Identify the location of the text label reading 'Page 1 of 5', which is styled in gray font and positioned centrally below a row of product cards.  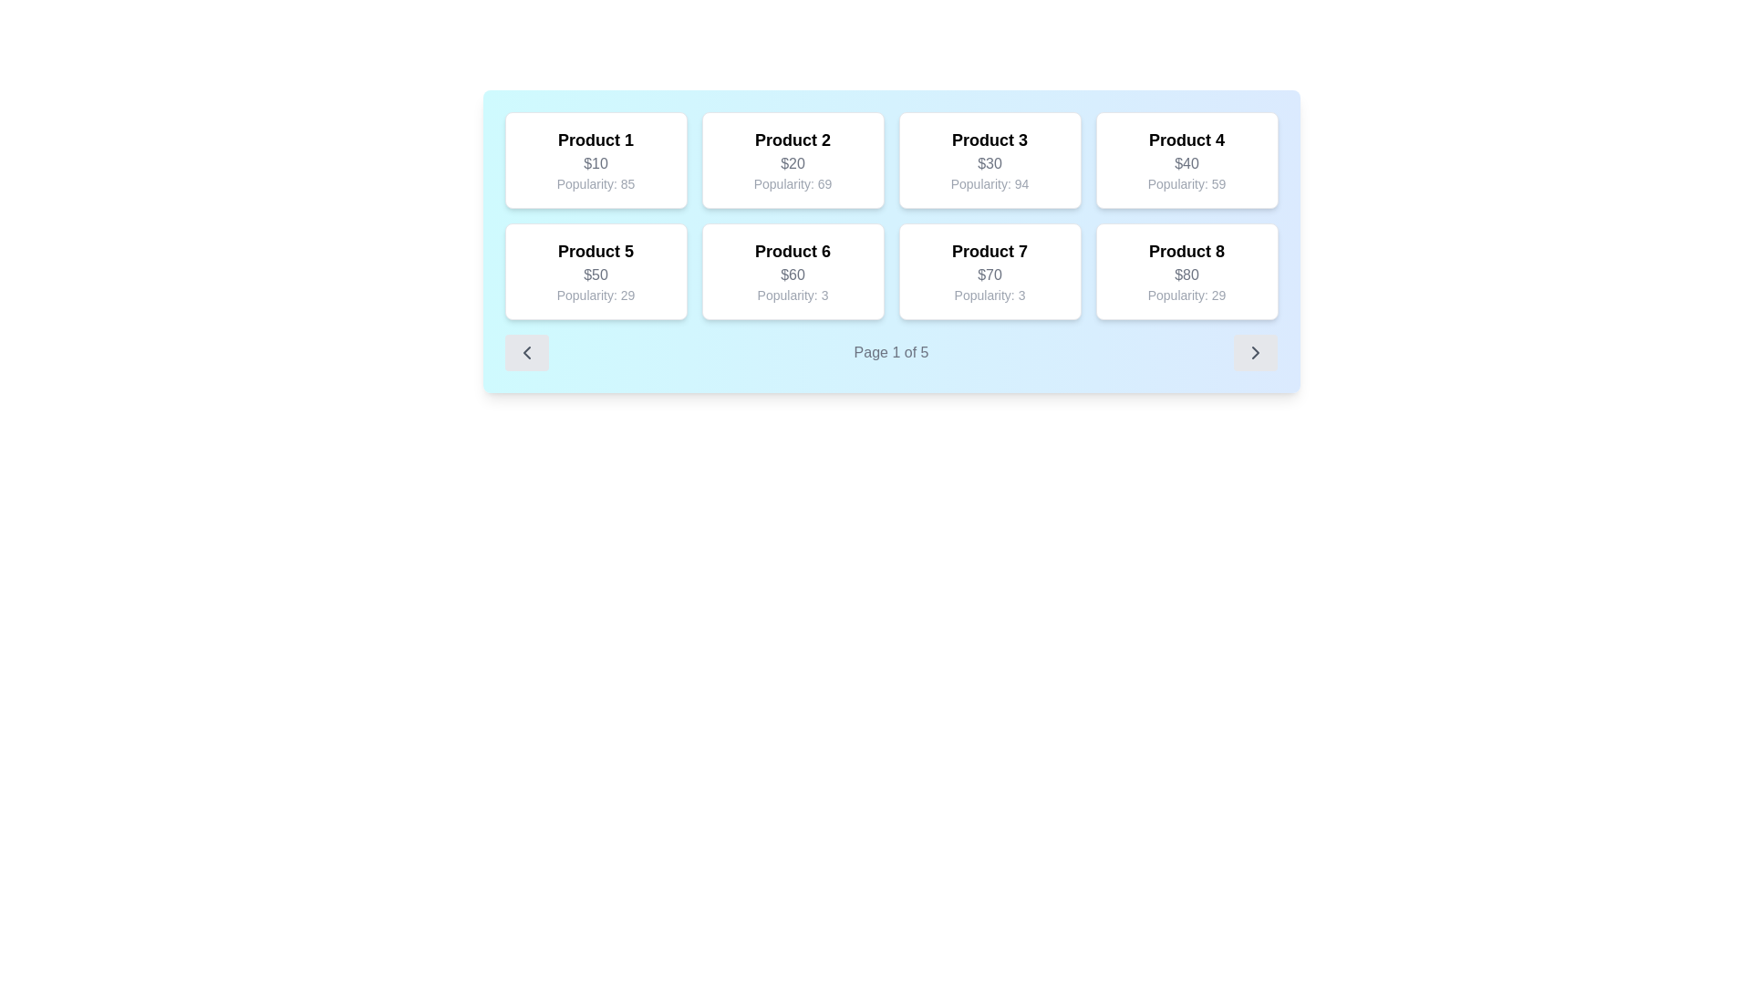
(891, 352).